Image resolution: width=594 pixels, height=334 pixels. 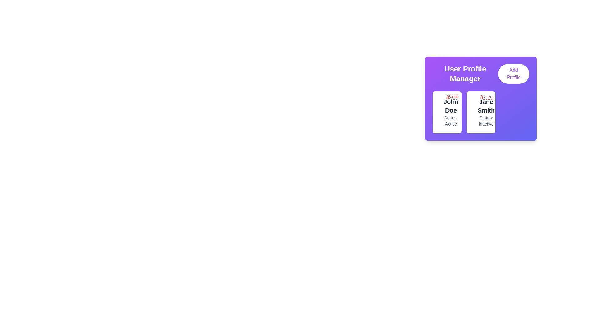 I want to click on status information displayed in the text label that shows 'Status: Inactive' below 'Jane Smith' within the User Profile Manager section, so click(x=486, y=121).